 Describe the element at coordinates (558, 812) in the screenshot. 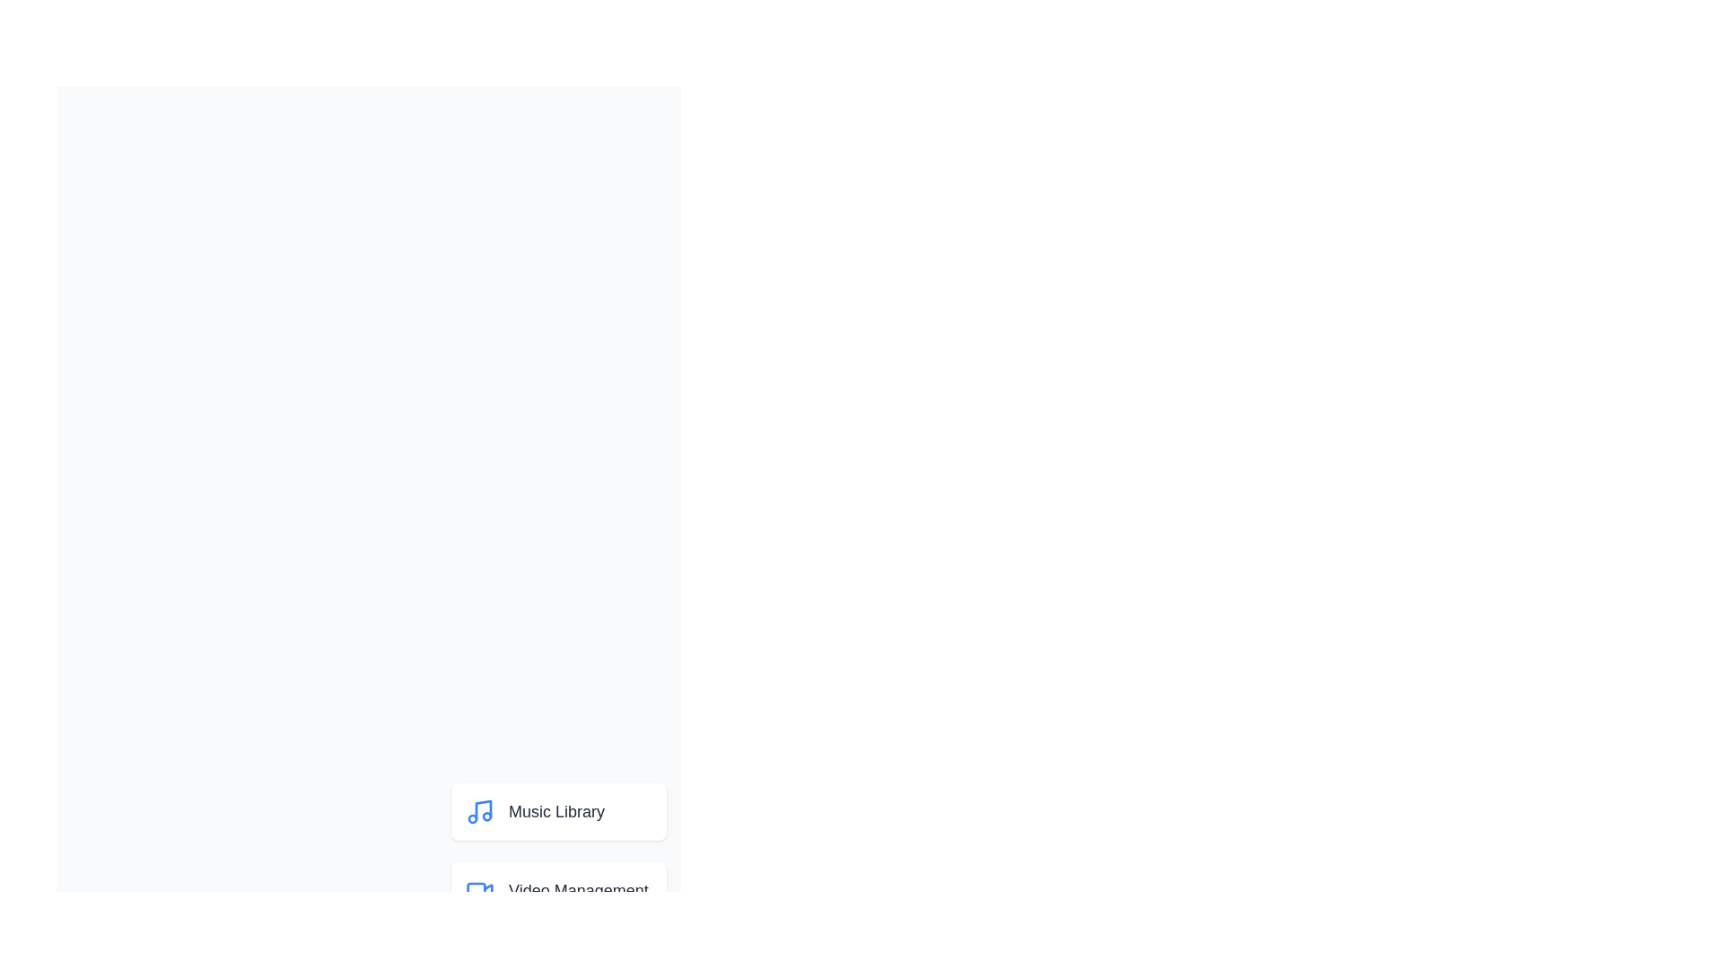

I see `the menu item corresponding to Music Library` at that location.